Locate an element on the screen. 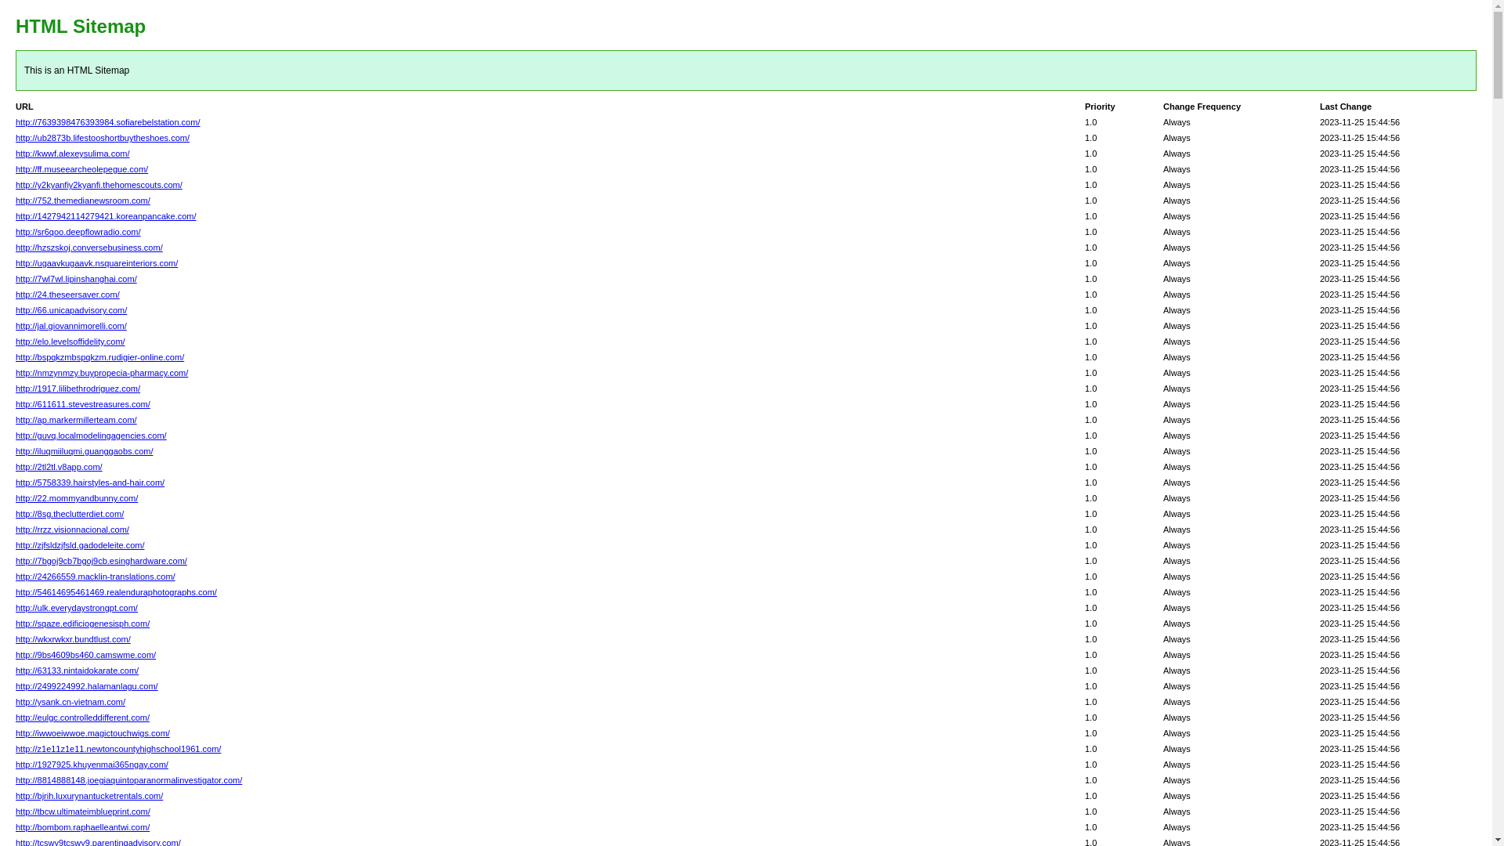 The image size is (1504, 846). 'http://1427942114279421.koreanpancake.com/' is located at coordinates (105, 216).